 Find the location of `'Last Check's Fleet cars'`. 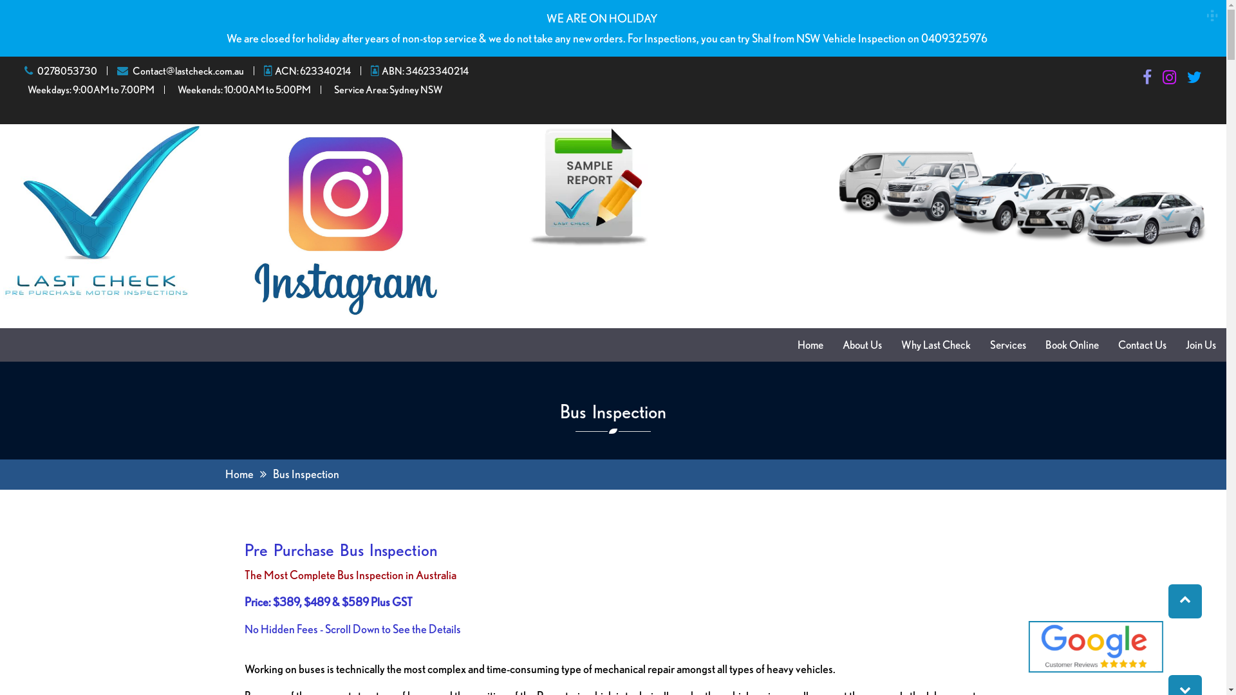

'Last Check's Fleet cars' is located at coordinates (820, 196).